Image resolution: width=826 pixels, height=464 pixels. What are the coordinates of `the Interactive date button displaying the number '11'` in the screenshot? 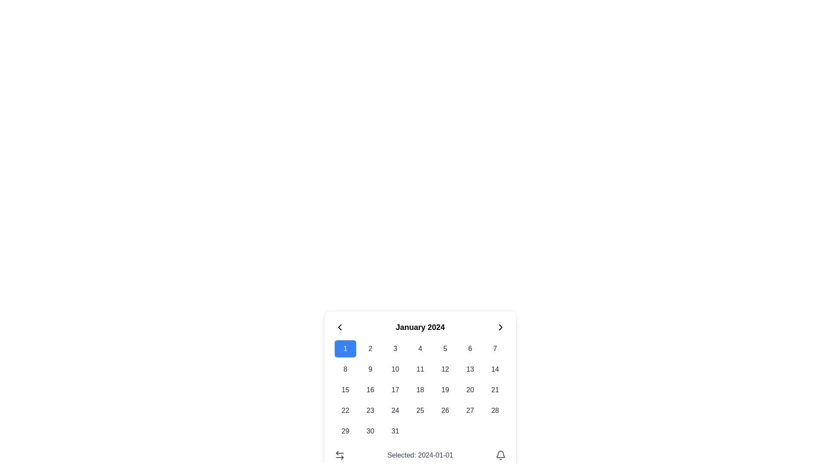 It's located at (420, 369).